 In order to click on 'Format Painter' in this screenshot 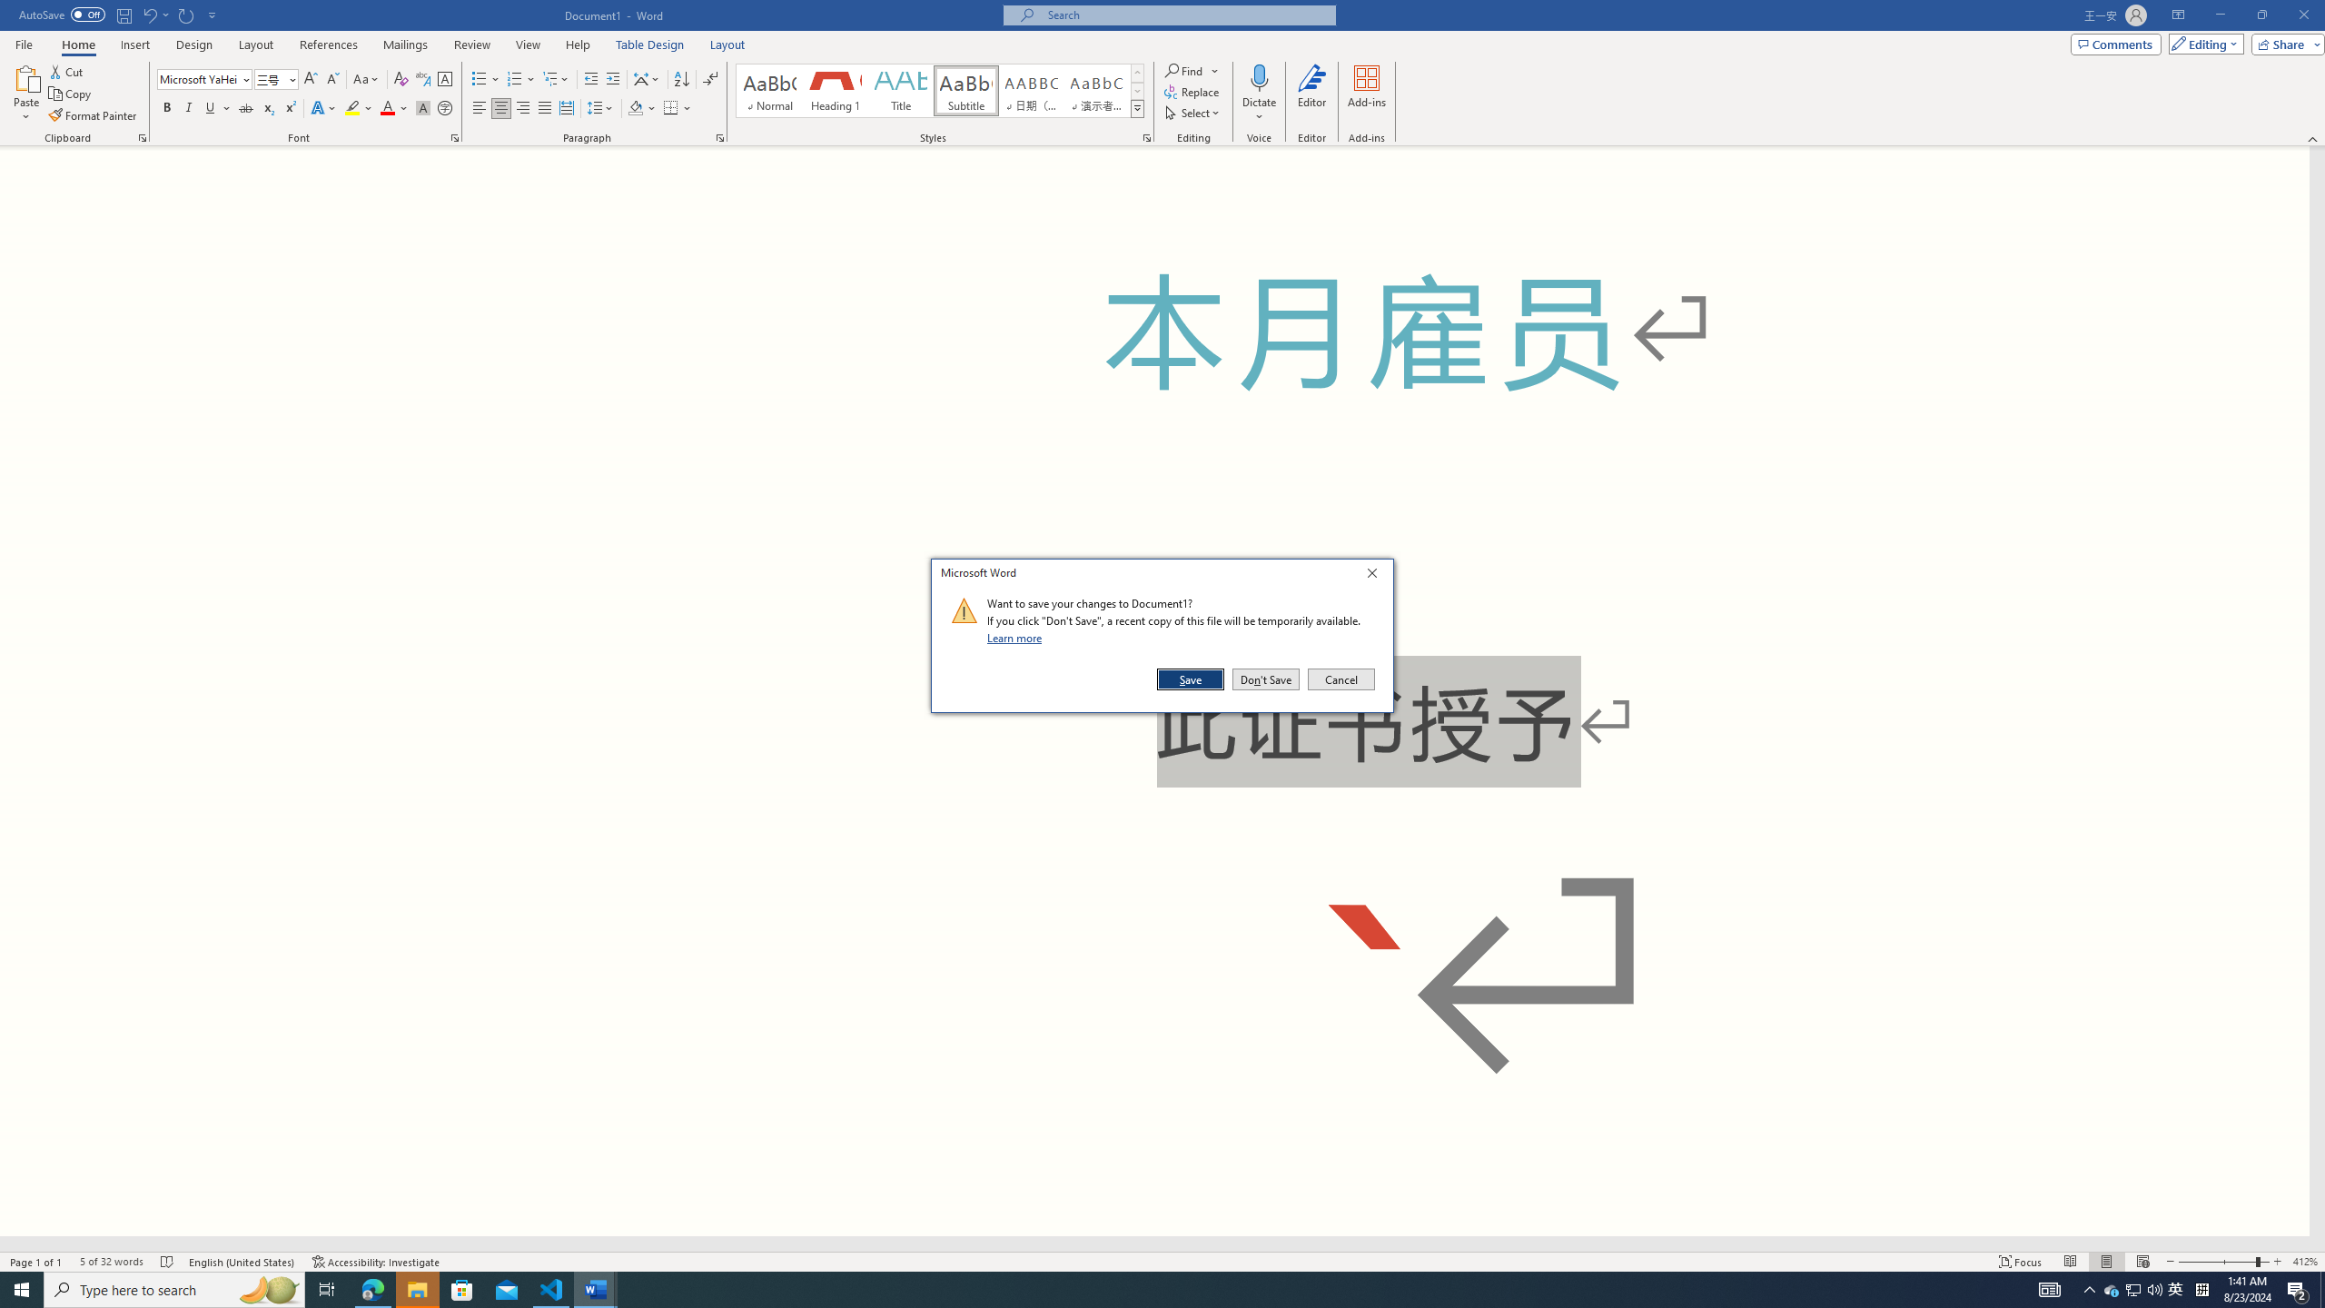, I will do `click(93, 115)`.